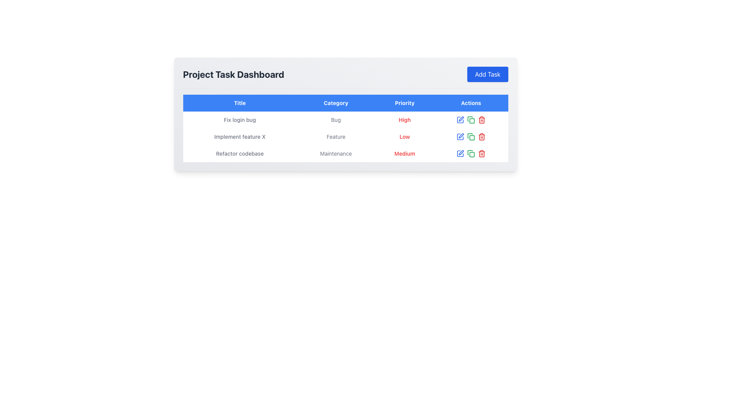  What do you see at coordinates (239, 103) in the screenshot?
I see `text content of the Table Header Cell labeled 'Title', which indicates the content type of the first column in the Project Task Dashboard` at bounding box center [239, 103].